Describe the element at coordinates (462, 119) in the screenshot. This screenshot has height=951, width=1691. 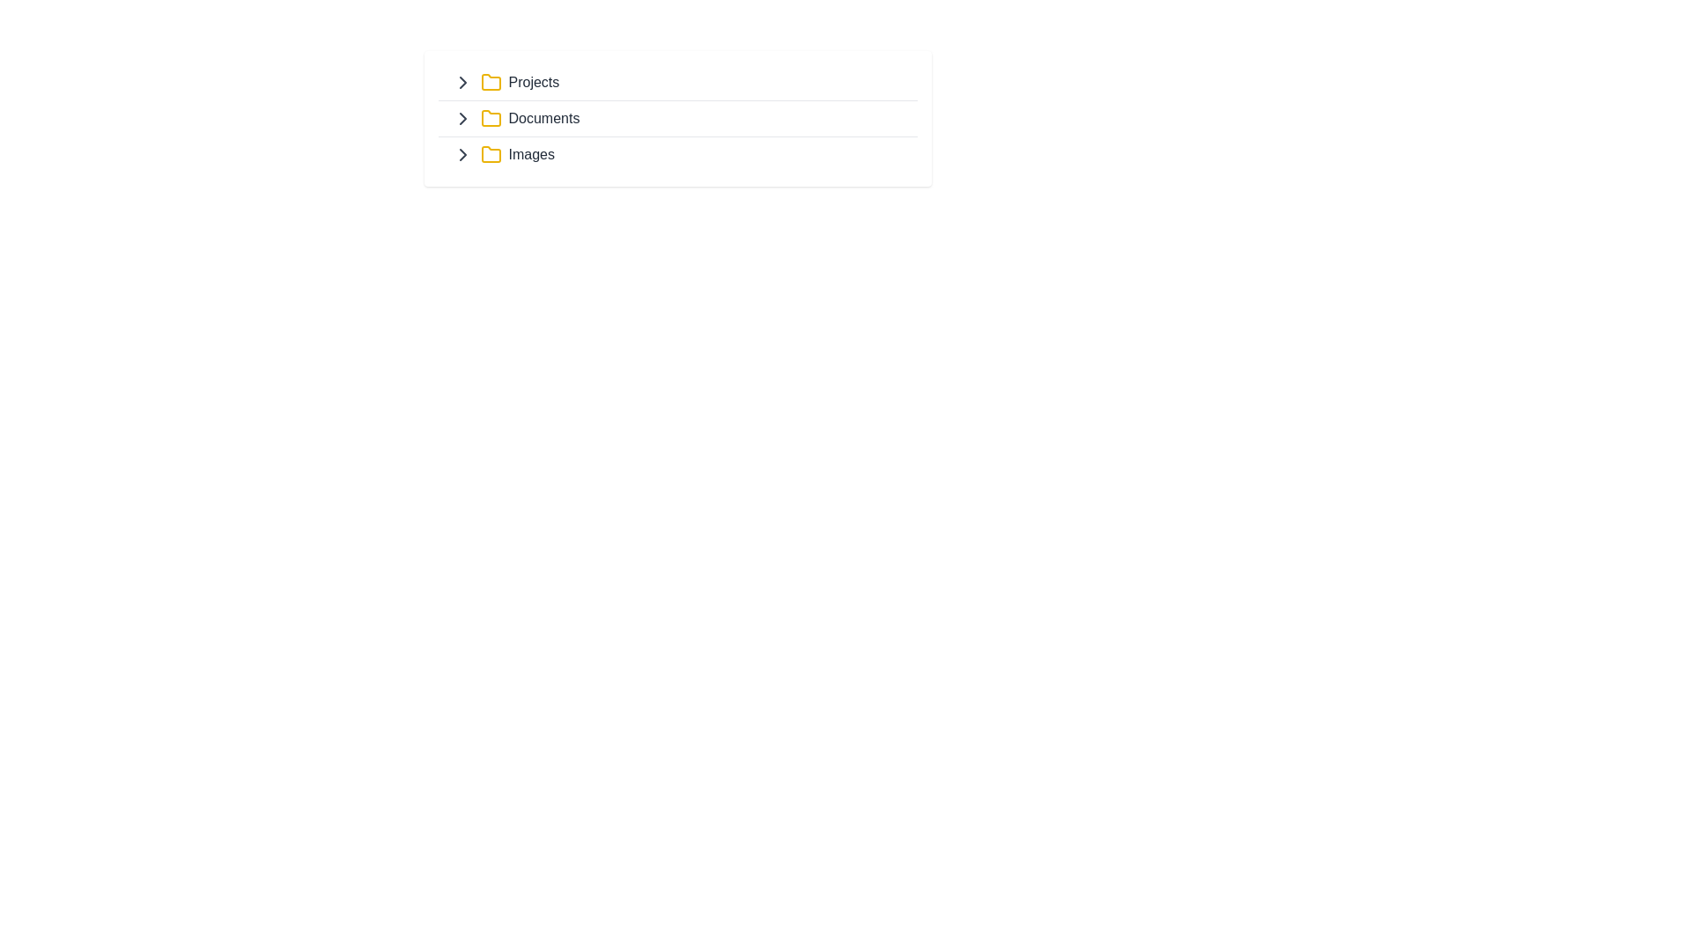
I see `the chevron icon located to the left of the yellow folder icon in the 'Documents' list item` at that location.